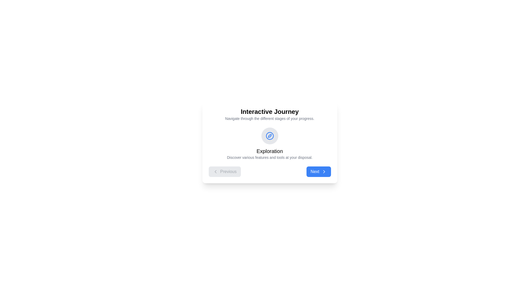 The width and height of the screenshot is (506, 284). Describe the element at coordinates (270, 157) in the screenshot. I see `guiding text label located within the 'Exploration' section, which provides a brief description of available features and tools` at that location.